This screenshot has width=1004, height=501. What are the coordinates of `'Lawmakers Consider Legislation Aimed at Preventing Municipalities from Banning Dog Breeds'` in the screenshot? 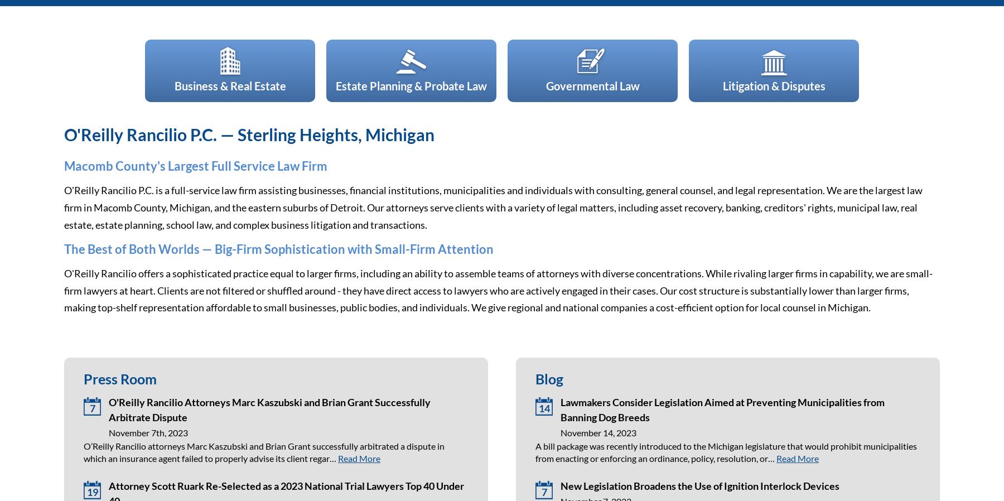 It's located at (559, 409).